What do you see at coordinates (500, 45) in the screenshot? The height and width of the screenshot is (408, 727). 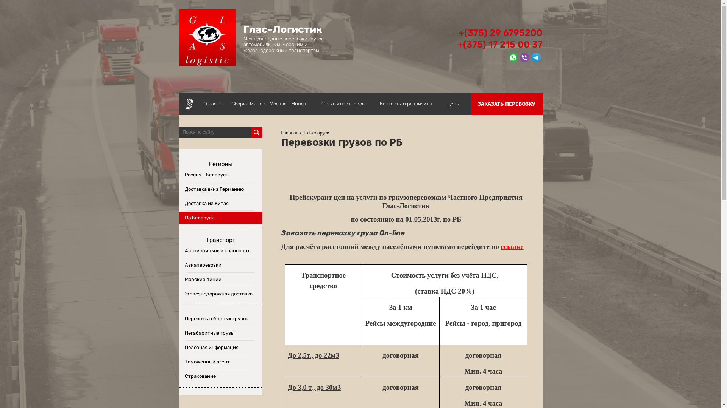 I see `'+(375) 17 215 00 37'` at bounding box center [500, 45].